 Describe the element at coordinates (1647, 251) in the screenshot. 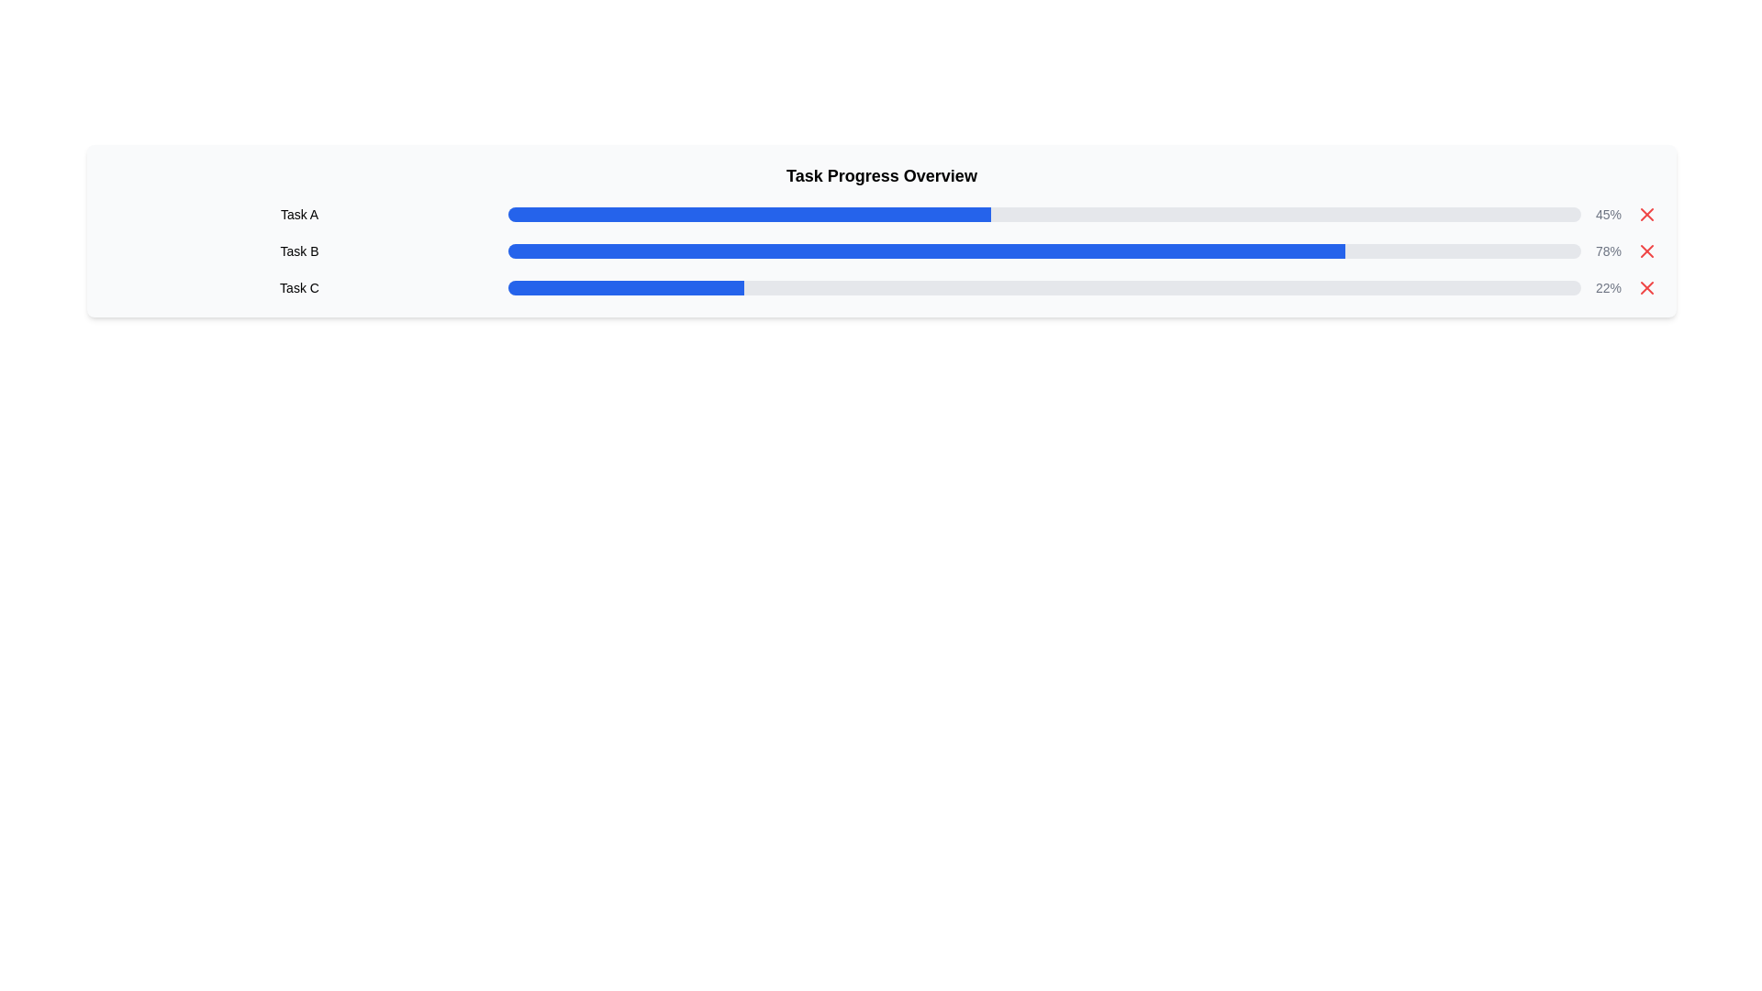

I see `the delete button located at the right edge of the row, associated with 'Task B'` at that location.